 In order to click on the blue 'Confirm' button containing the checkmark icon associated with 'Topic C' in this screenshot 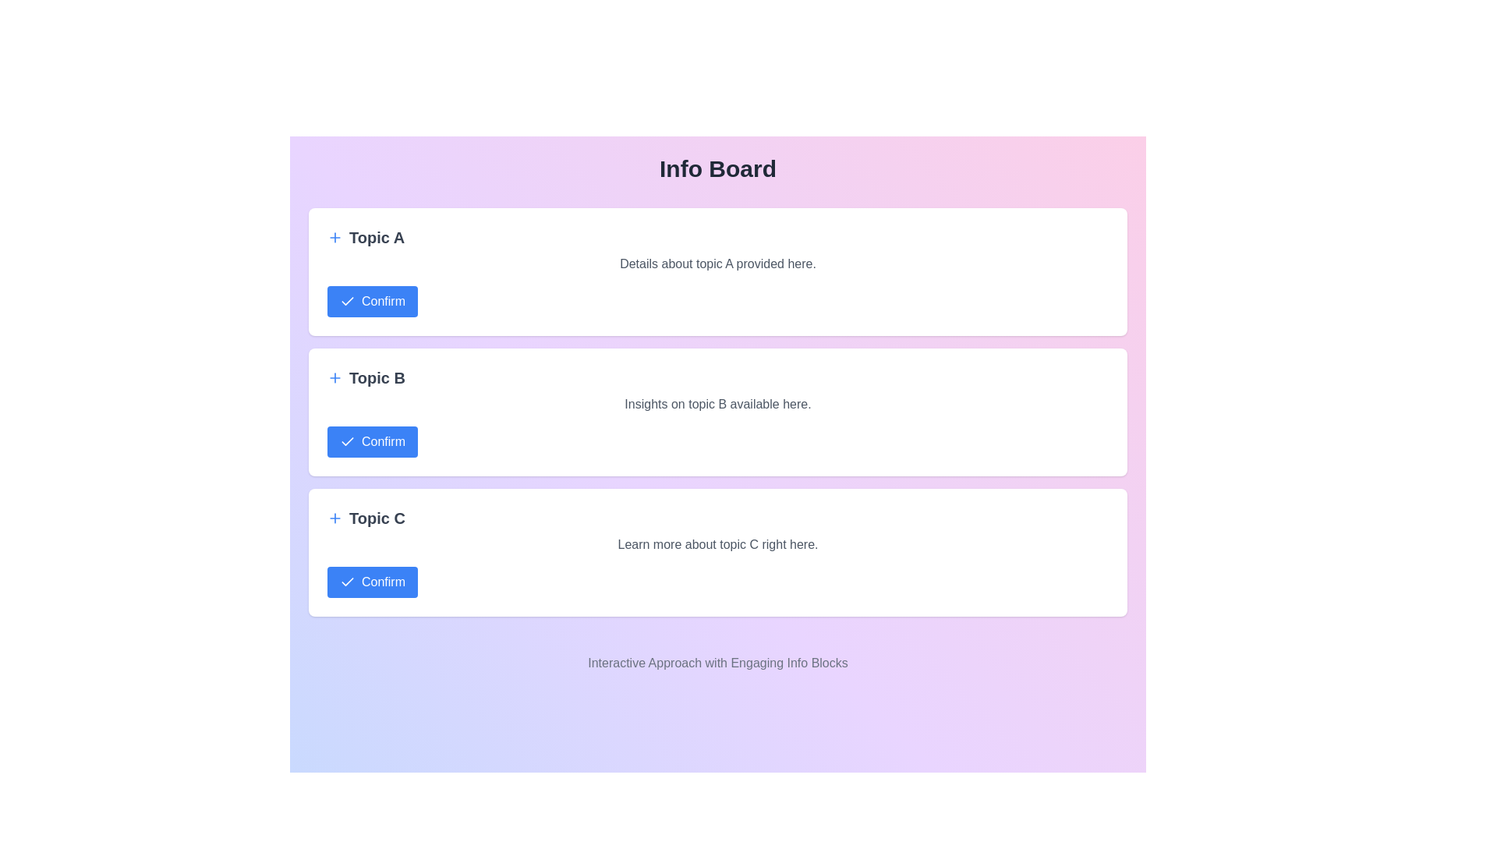, I will do `click(347, 582)`.